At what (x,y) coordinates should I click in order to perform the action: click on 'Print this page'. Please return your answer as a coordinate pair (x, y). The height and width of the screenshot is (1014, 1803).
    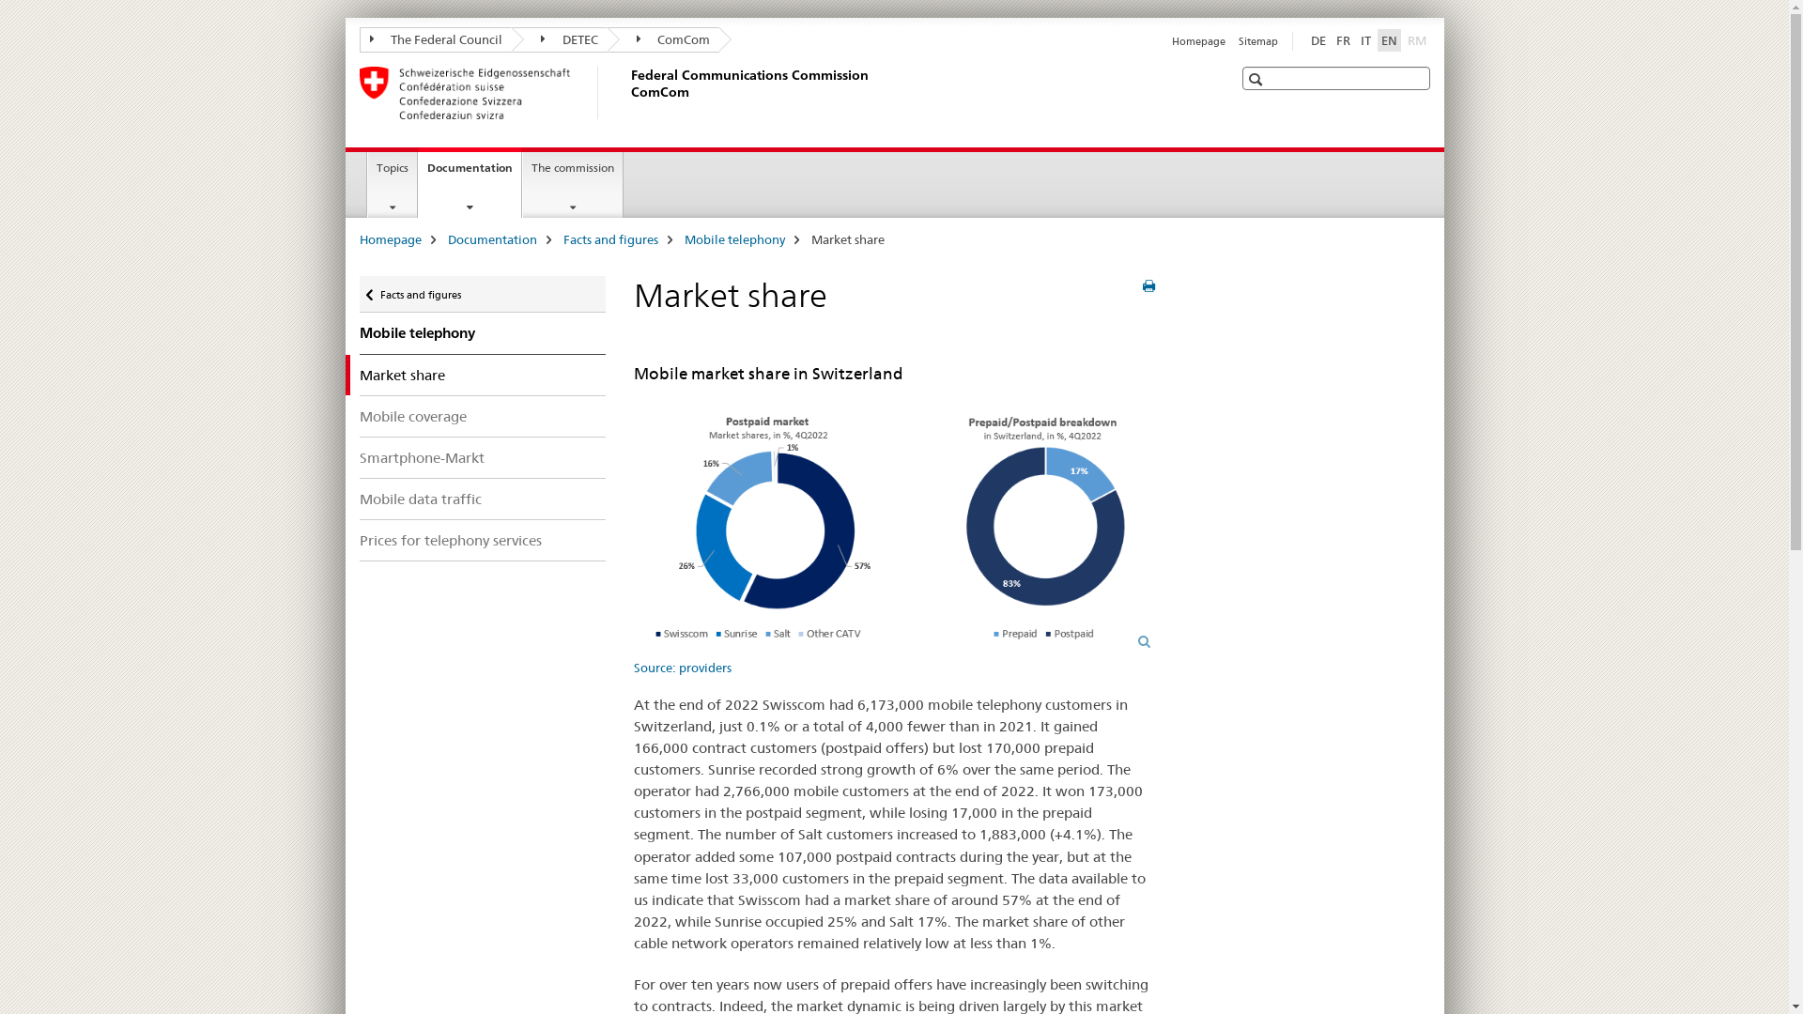
    Looking at the image, I should click on (1148, 285).